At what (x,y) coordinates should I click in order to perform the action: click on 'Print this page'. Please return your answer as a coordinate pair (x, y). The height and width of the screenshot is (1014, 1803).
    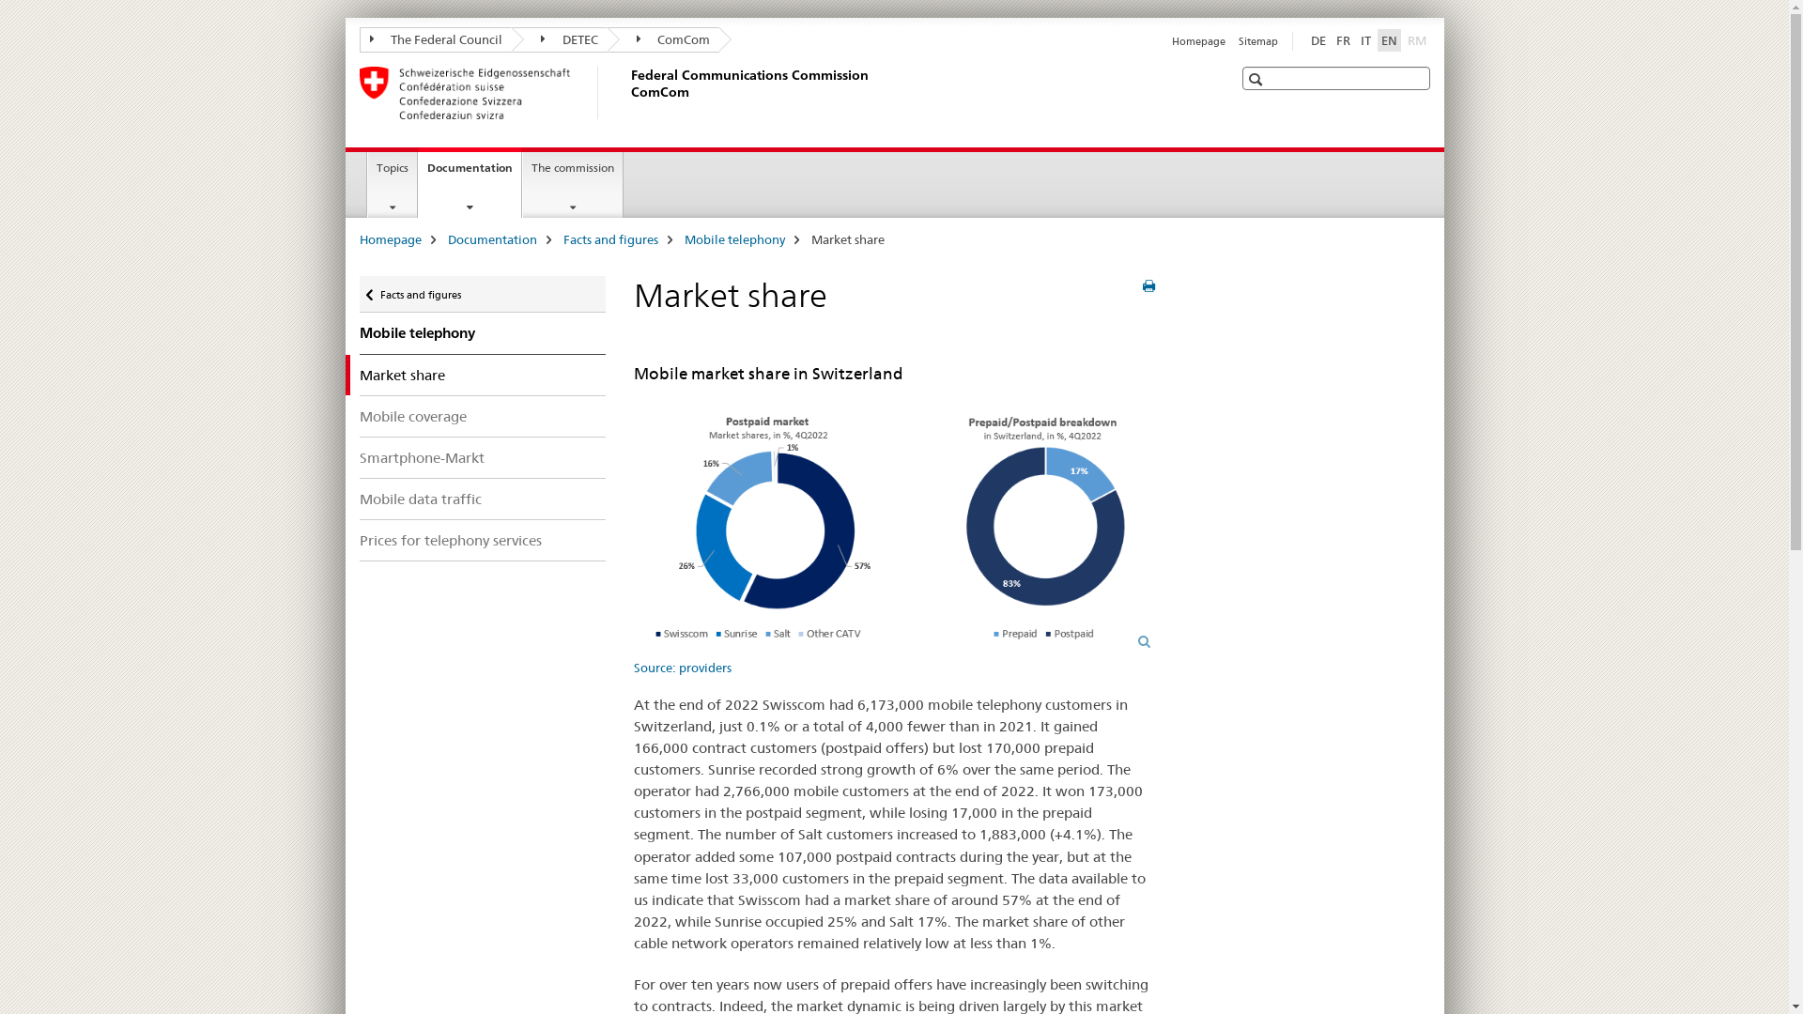
    Looking at the image, I should click on (1148, 285).